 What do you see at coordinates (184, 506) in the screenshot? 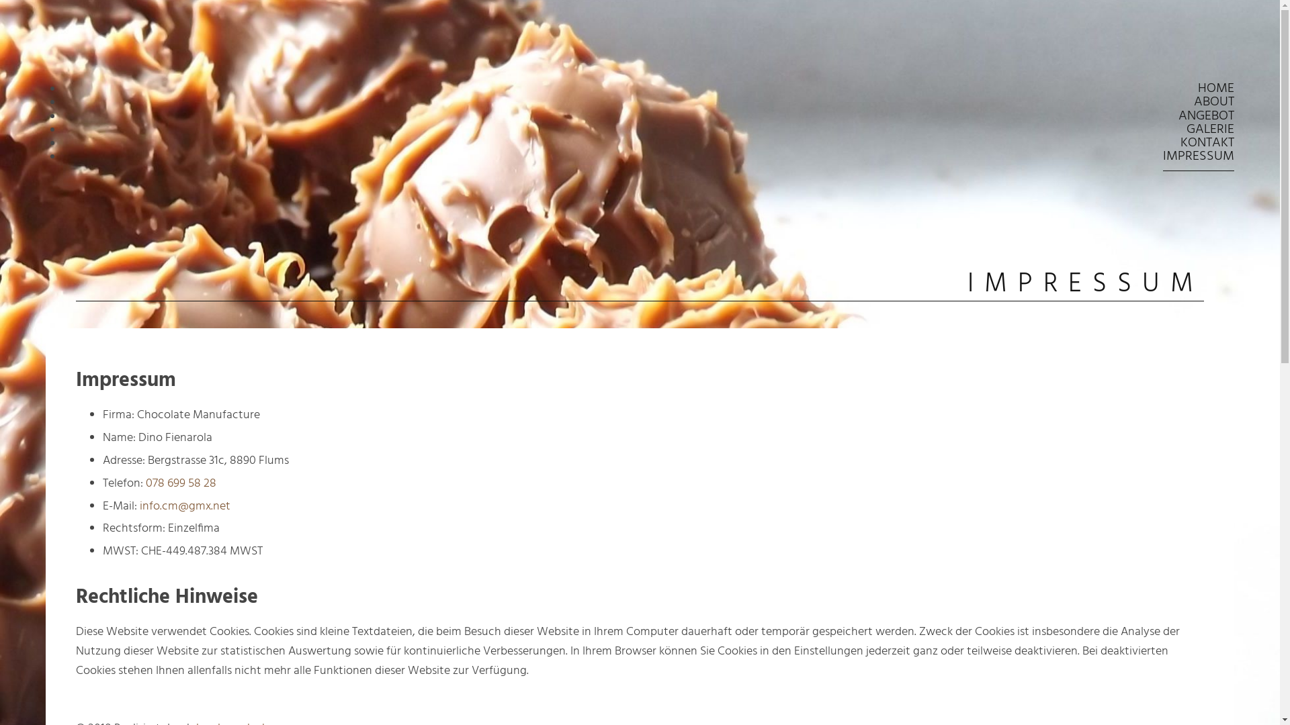
I see `'info.cm@gmx.net'` at bounding box center [184, 506].